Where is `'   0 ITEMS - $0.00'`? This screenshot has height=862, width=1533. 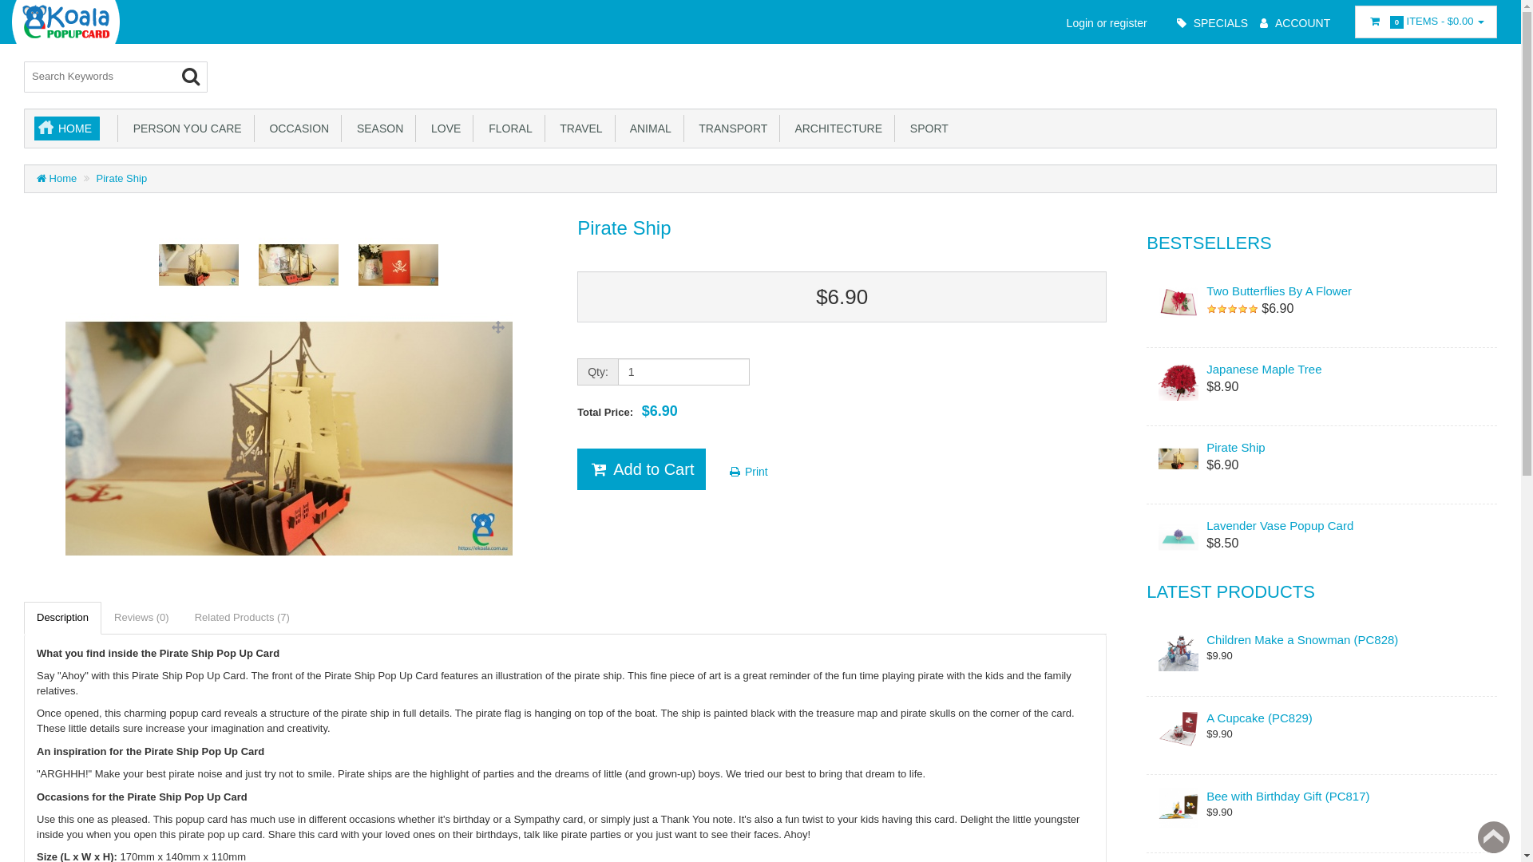 '   0 ITEMS - $0.00' is located at coordinates (1425, 22).